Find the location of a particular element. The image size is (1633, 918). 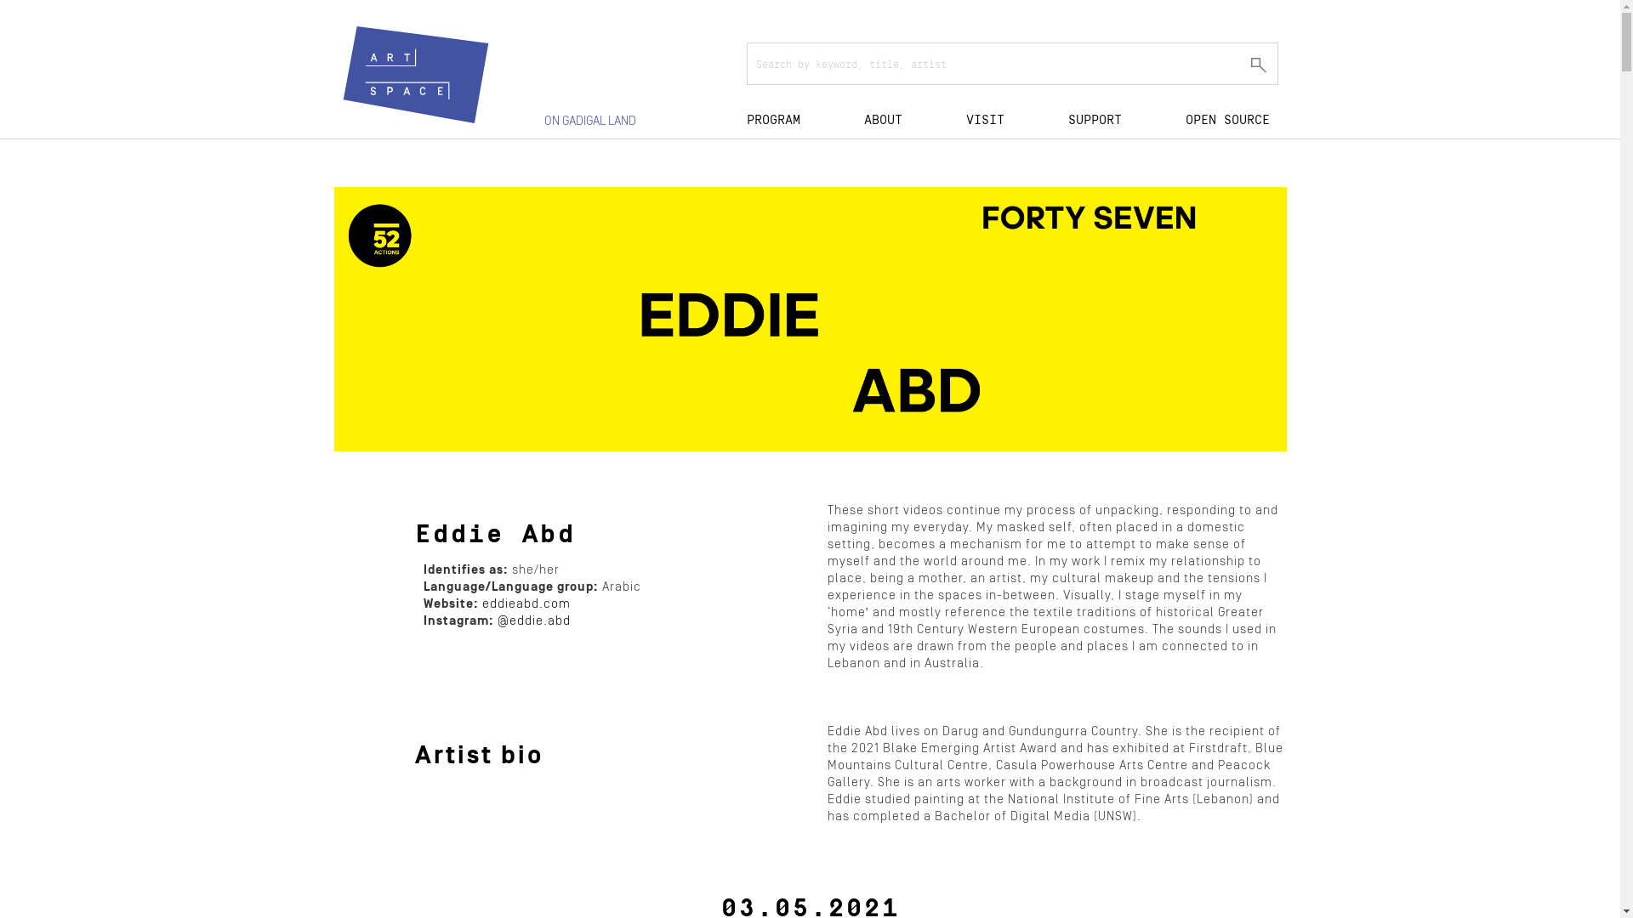

'PROGRAM' is located at coordinates (747, 117).